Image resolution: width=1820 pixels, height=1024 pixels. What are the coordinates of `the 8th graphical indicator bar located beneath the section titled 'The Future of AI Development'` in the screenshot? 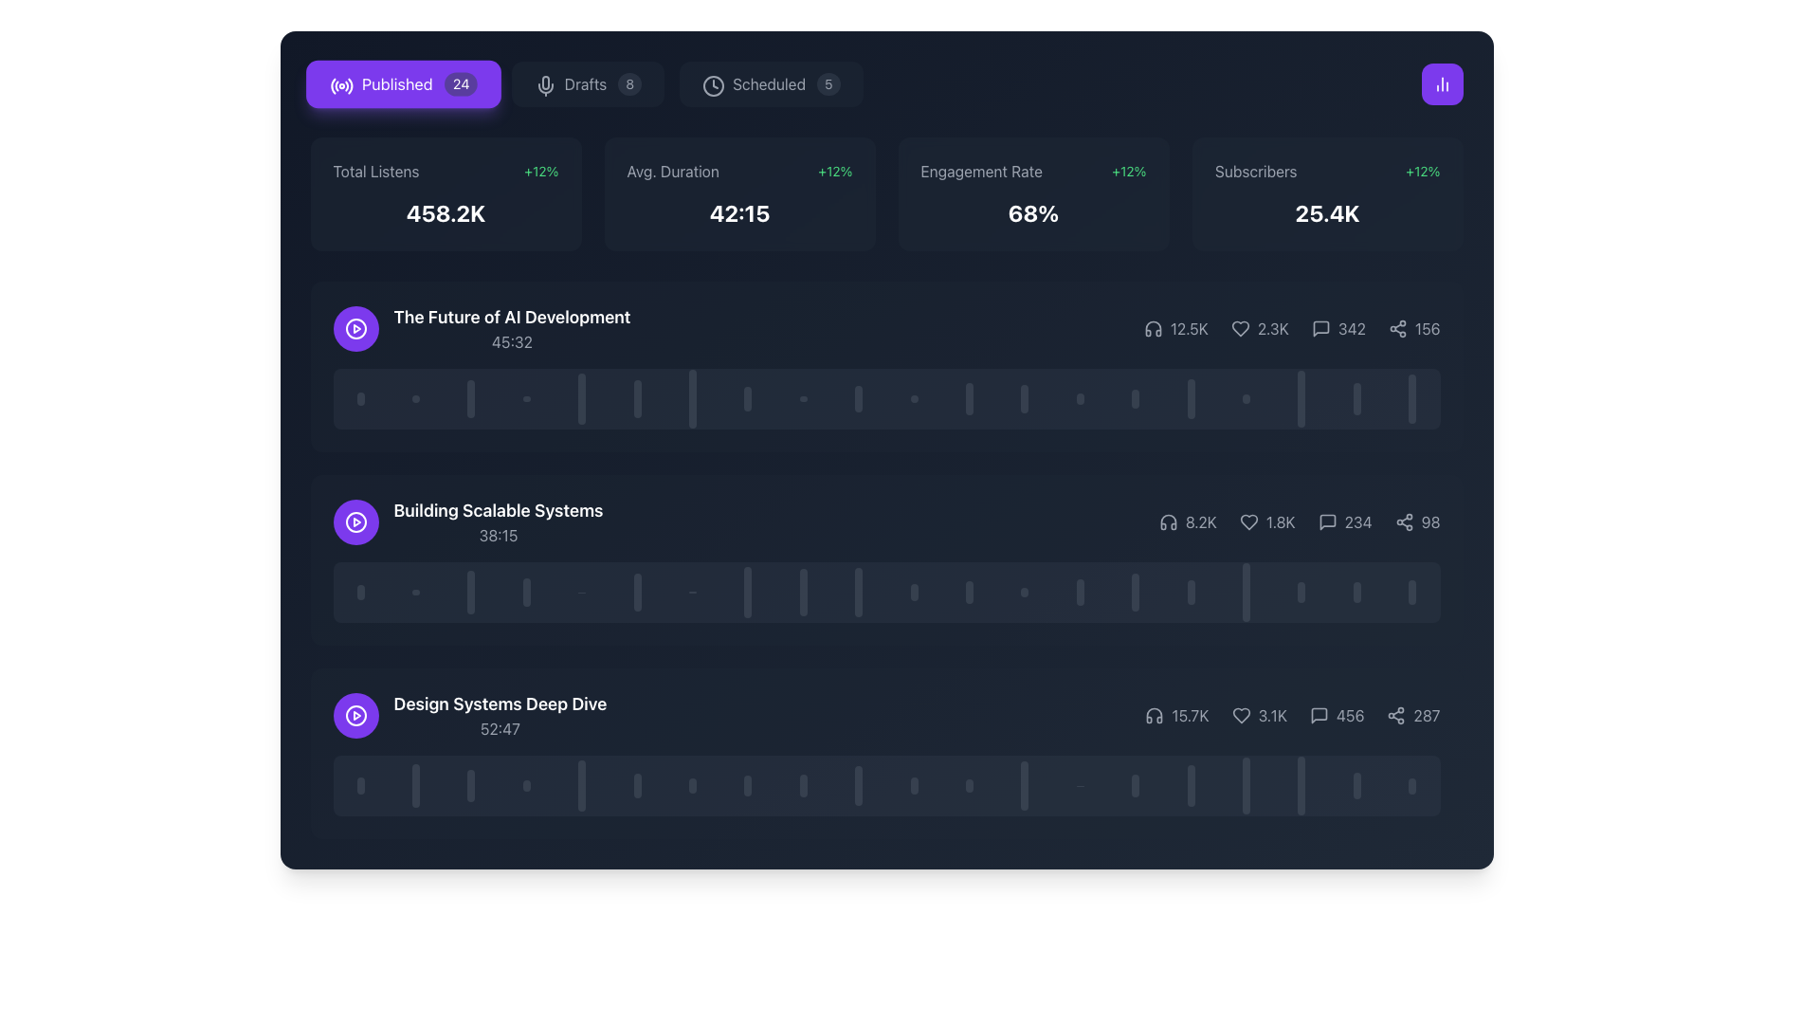 It's located at (747, 397).